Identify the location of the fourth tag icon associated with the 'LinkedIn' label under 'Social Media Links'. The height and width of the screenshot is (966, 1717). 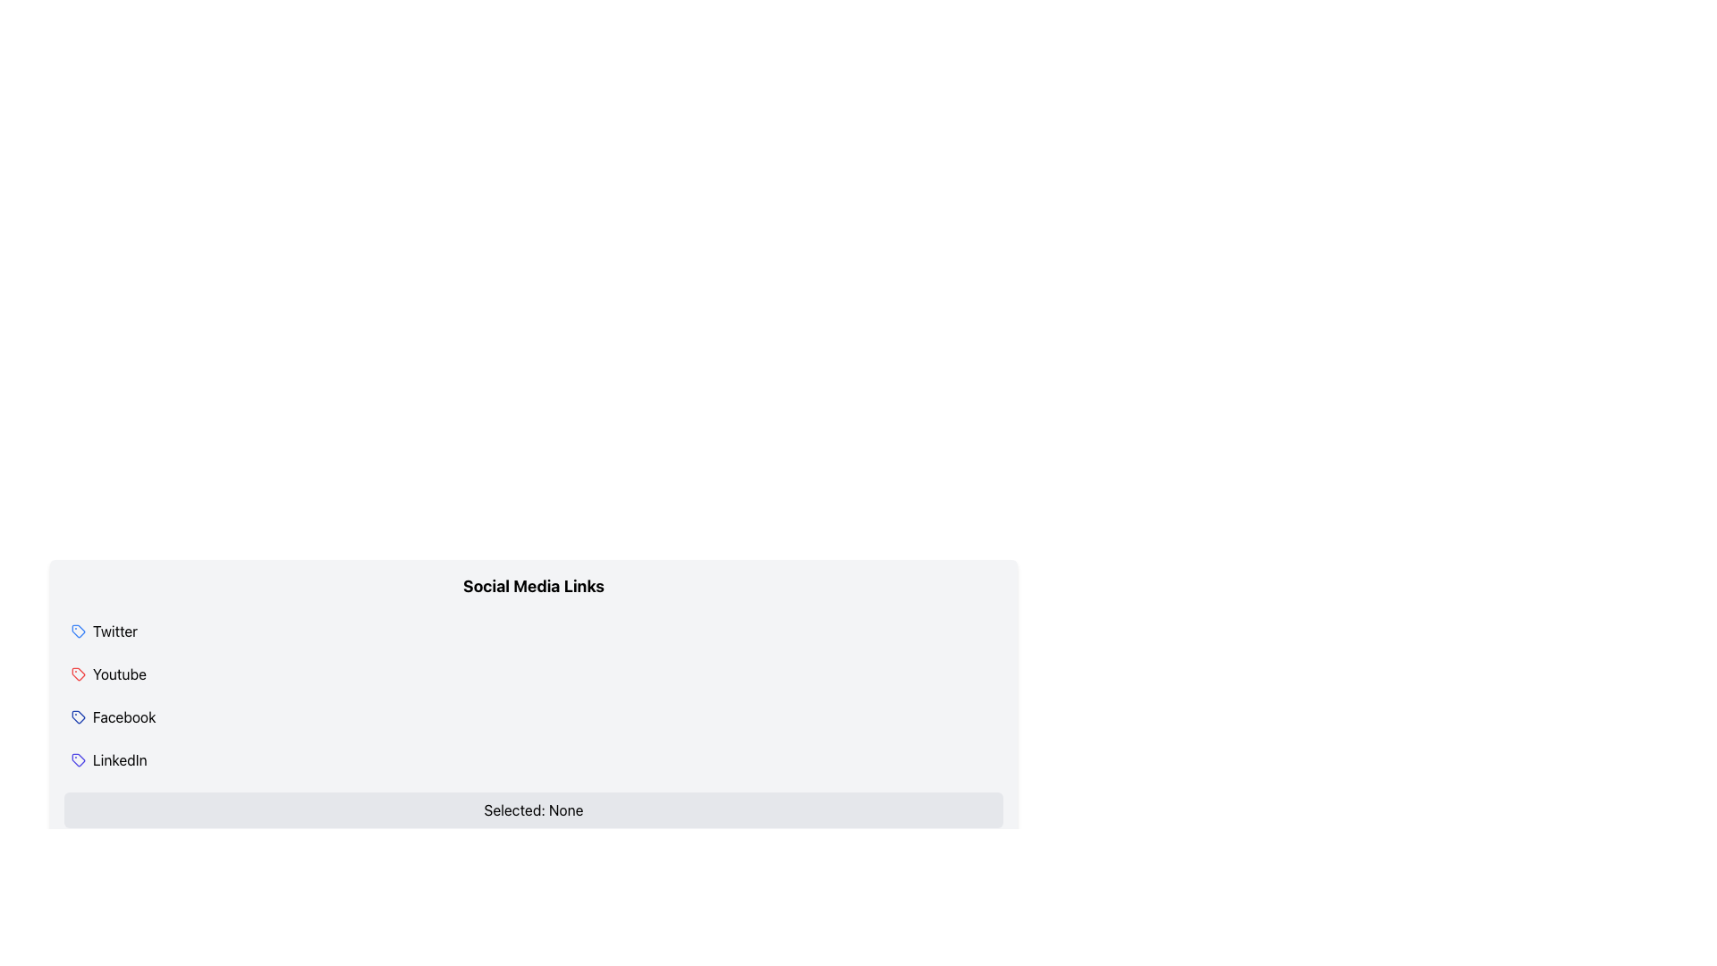
(77, 759).